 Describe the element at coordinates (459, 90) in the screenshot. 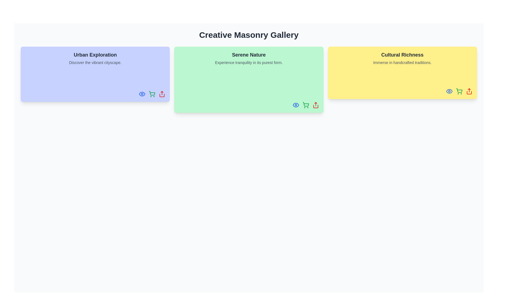

I see `the add to cart icon located in the center position of the three icons at the bottom-right corner of the yellow card titled 'Cultural Richness'` at that location.